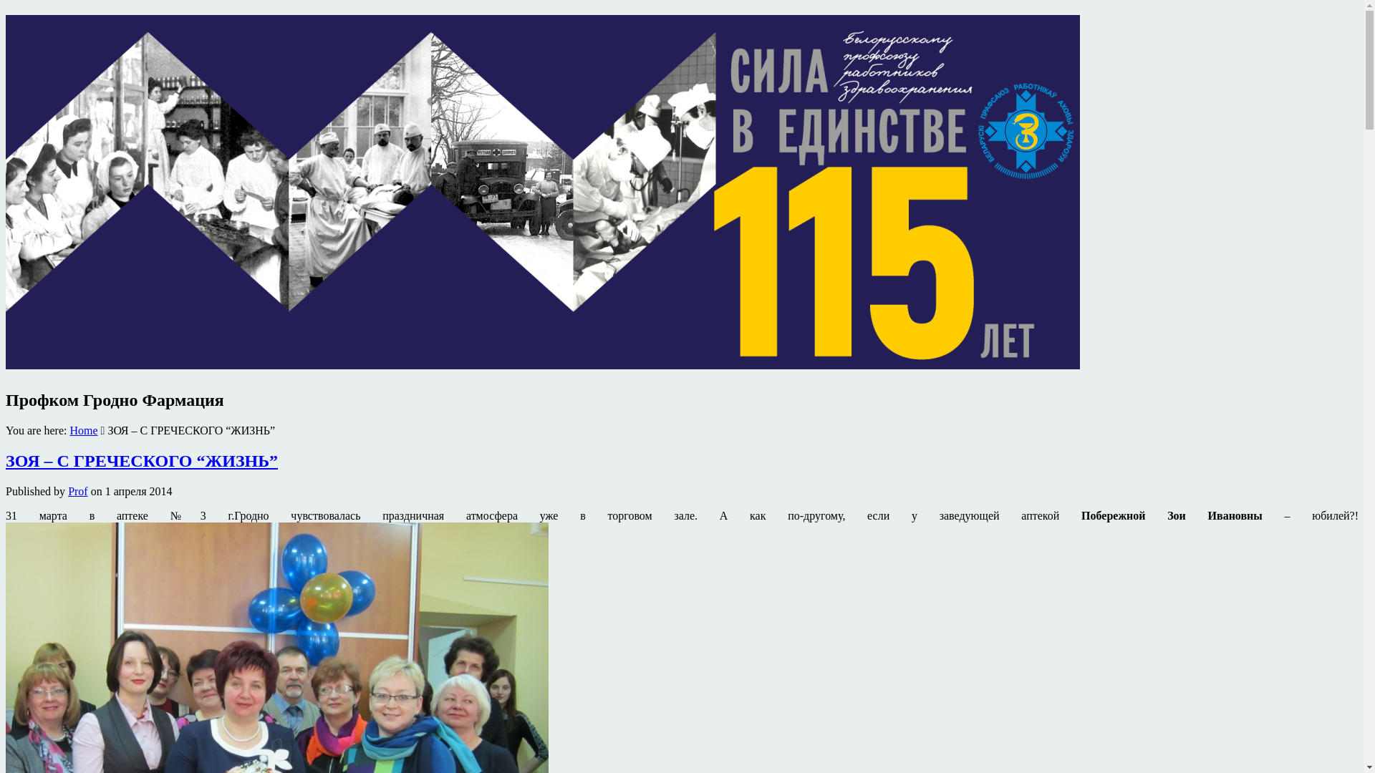  Describe the element at coordinates (82, 429) in the screenshot. I see `'Home'` at that location.